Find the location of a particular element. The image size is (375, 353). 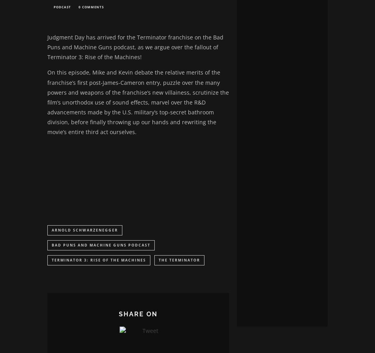

'Terminator 3: Rise of the Machines' is located at coordinates (98, 261).